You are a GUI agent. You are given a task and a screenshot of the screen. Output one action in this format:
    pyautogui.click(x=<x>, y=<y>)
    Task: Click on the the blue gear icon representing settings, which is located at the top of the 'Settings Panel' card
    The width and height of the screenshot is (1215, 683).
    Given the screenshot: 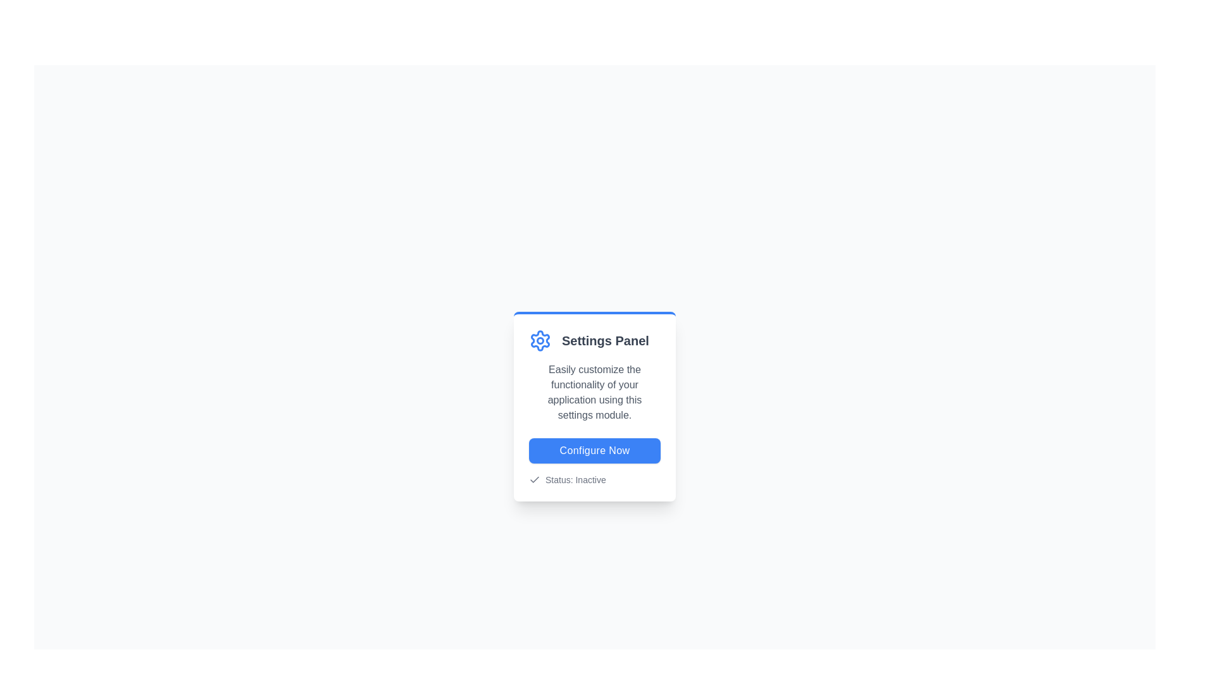 What is the action you would take?
    pyautogui.click(x=540, y=340)
    